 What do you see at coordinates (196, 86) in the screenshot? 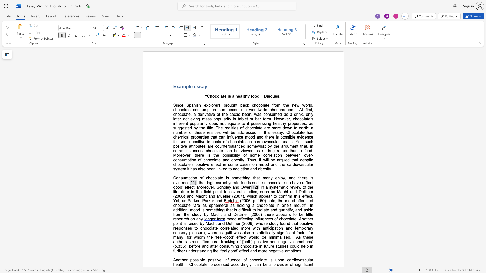
I see `the space between the continuous character "e" and "s" in the text` at bounding box center [196, 86].